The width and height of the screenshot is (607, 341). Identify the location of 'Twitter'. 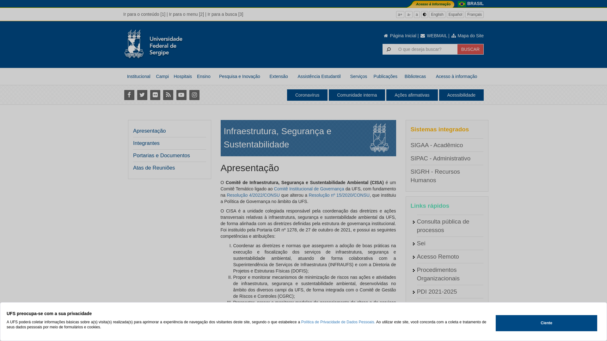
(142, 95).